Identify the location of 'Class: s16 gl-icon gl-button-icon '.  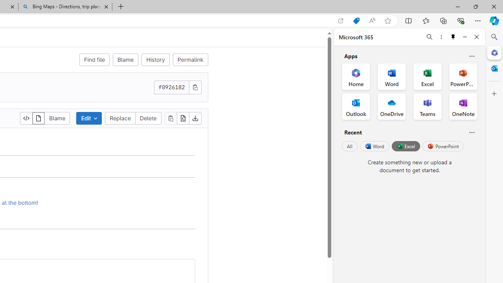
(195, 87).